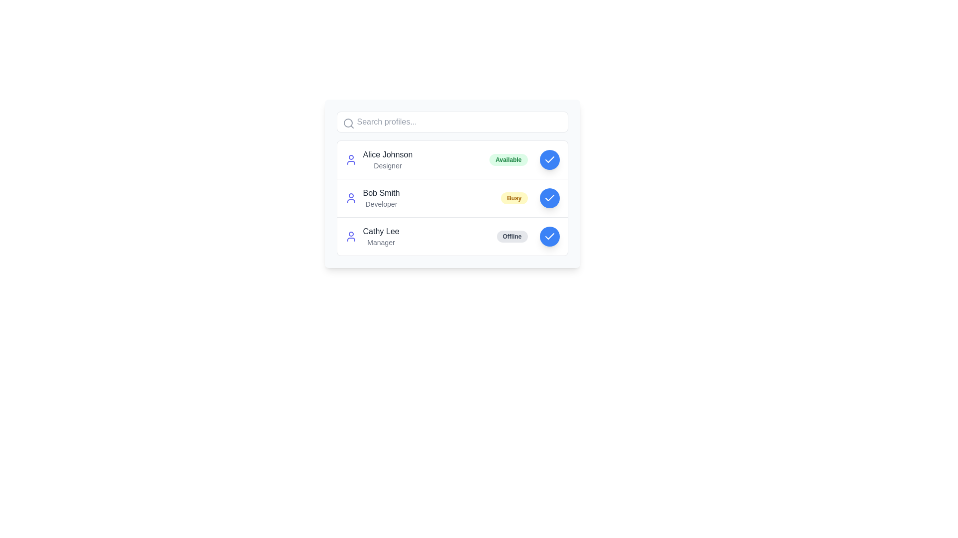  I want to click on the user profile icon with a blue tint and a user silhouette, located at the leftmost side of the entry row for Cathy Lee, so click(351, 236).